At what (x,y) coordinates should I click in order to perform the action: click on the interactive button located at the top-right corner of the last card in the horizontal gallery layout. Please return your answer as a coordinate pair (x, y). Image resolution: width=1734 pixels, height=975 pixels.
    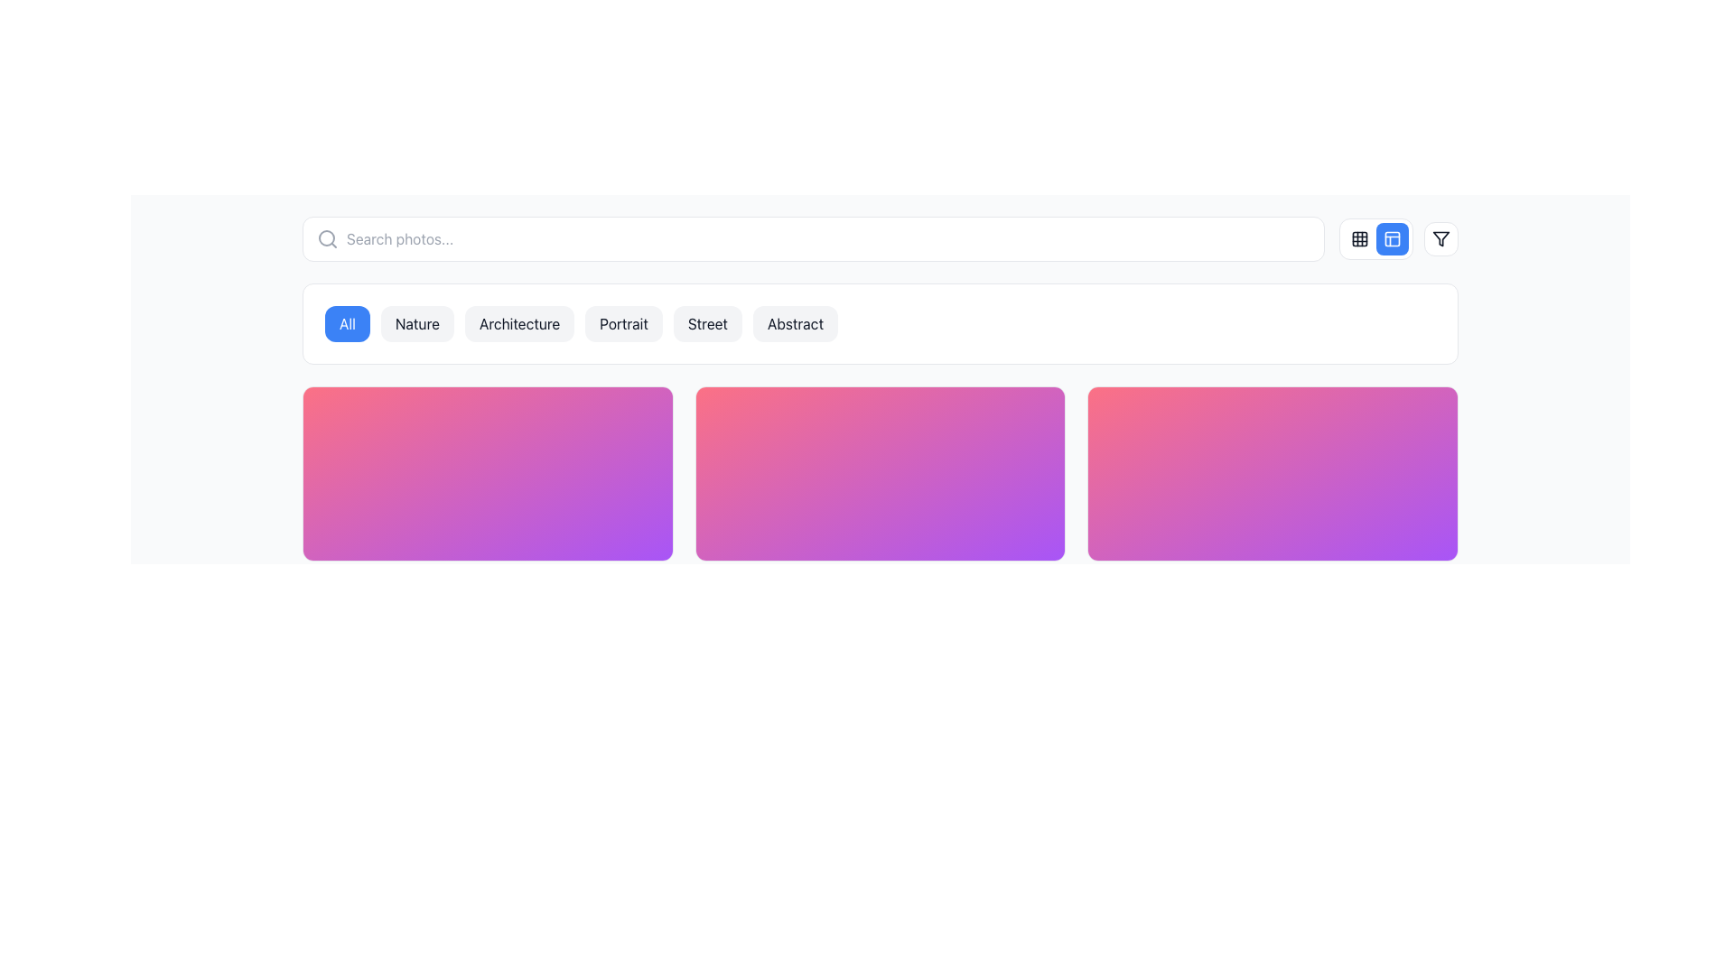
    Looking at the image, I should click on (1388, 417).